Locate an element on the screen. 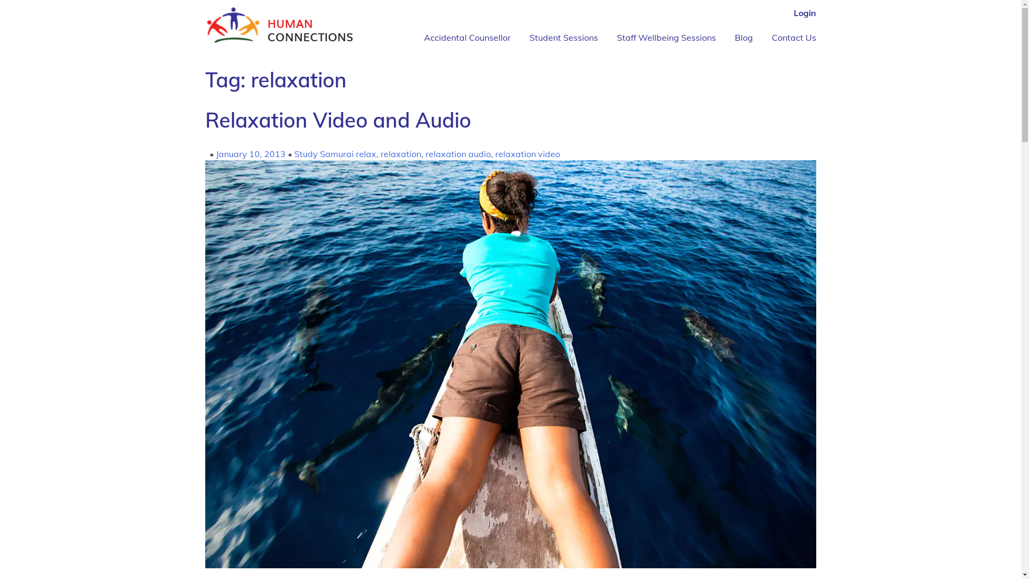 The image size is (1029, 579). 'relaxation' is located at coordinates (381, 153).